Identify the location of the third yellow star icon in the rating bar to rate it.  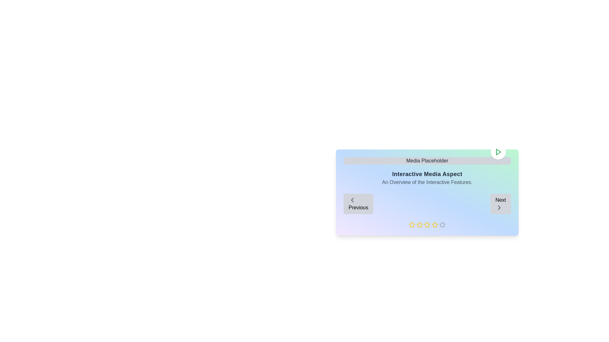
(427, 224).